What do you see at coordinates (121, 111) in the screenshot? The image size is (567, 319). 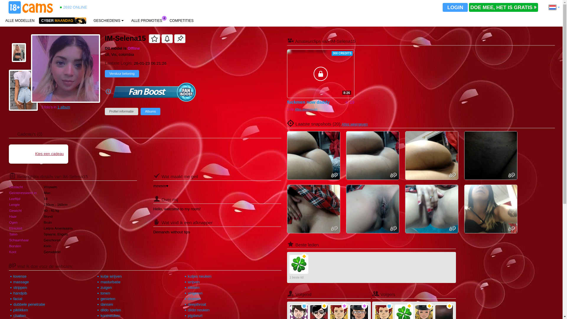 I see `'Profiel informatie'` at bounding box center [121, 111].